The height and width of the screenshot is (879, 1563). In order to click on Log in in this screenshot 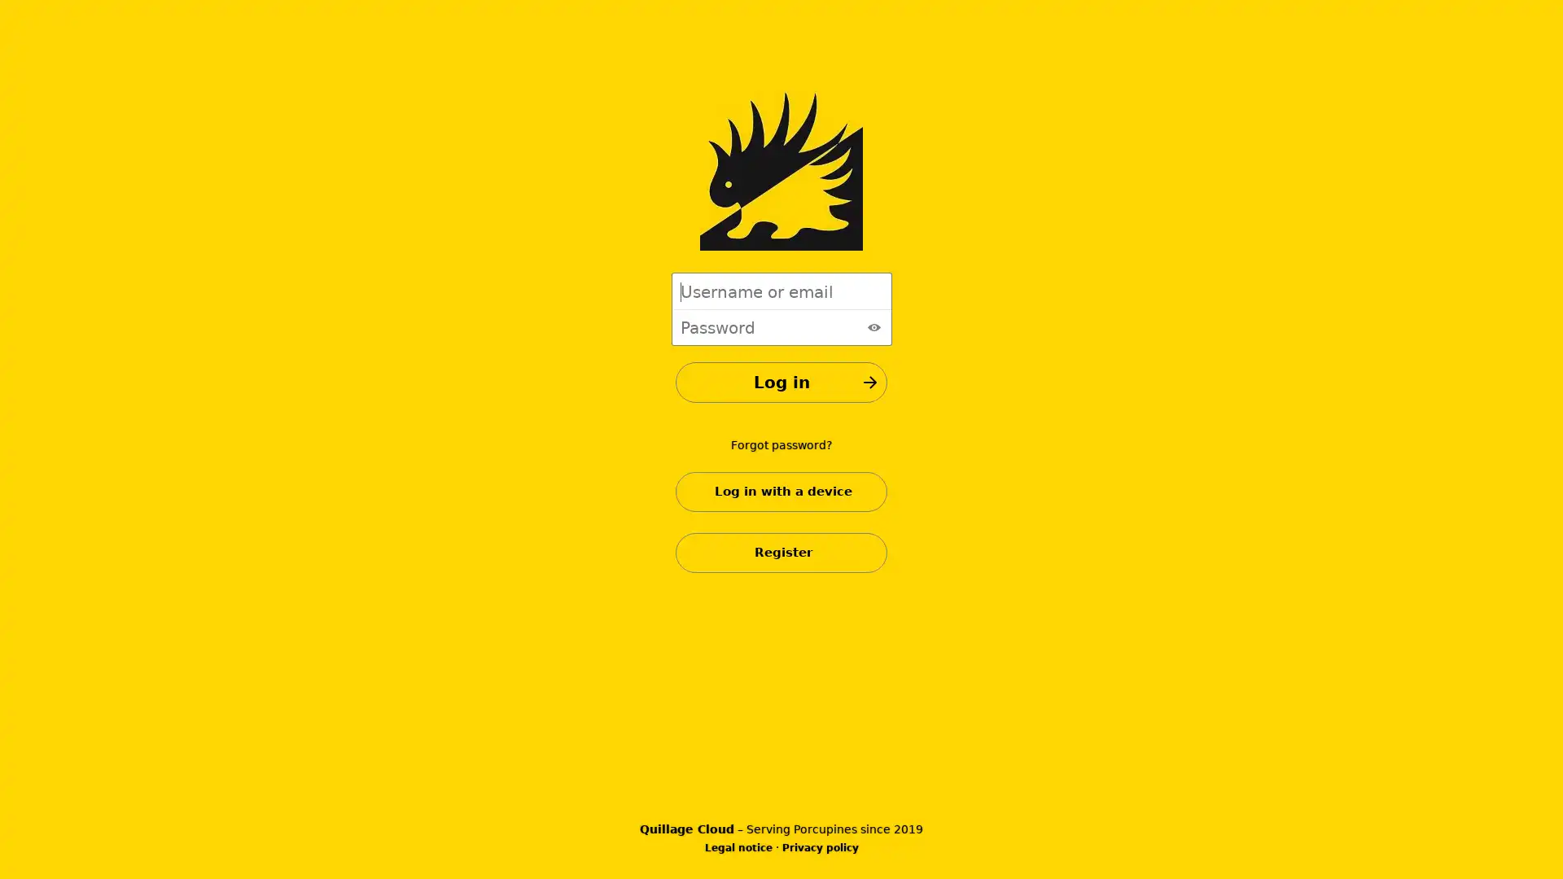, I will do `click(781, 383)`.